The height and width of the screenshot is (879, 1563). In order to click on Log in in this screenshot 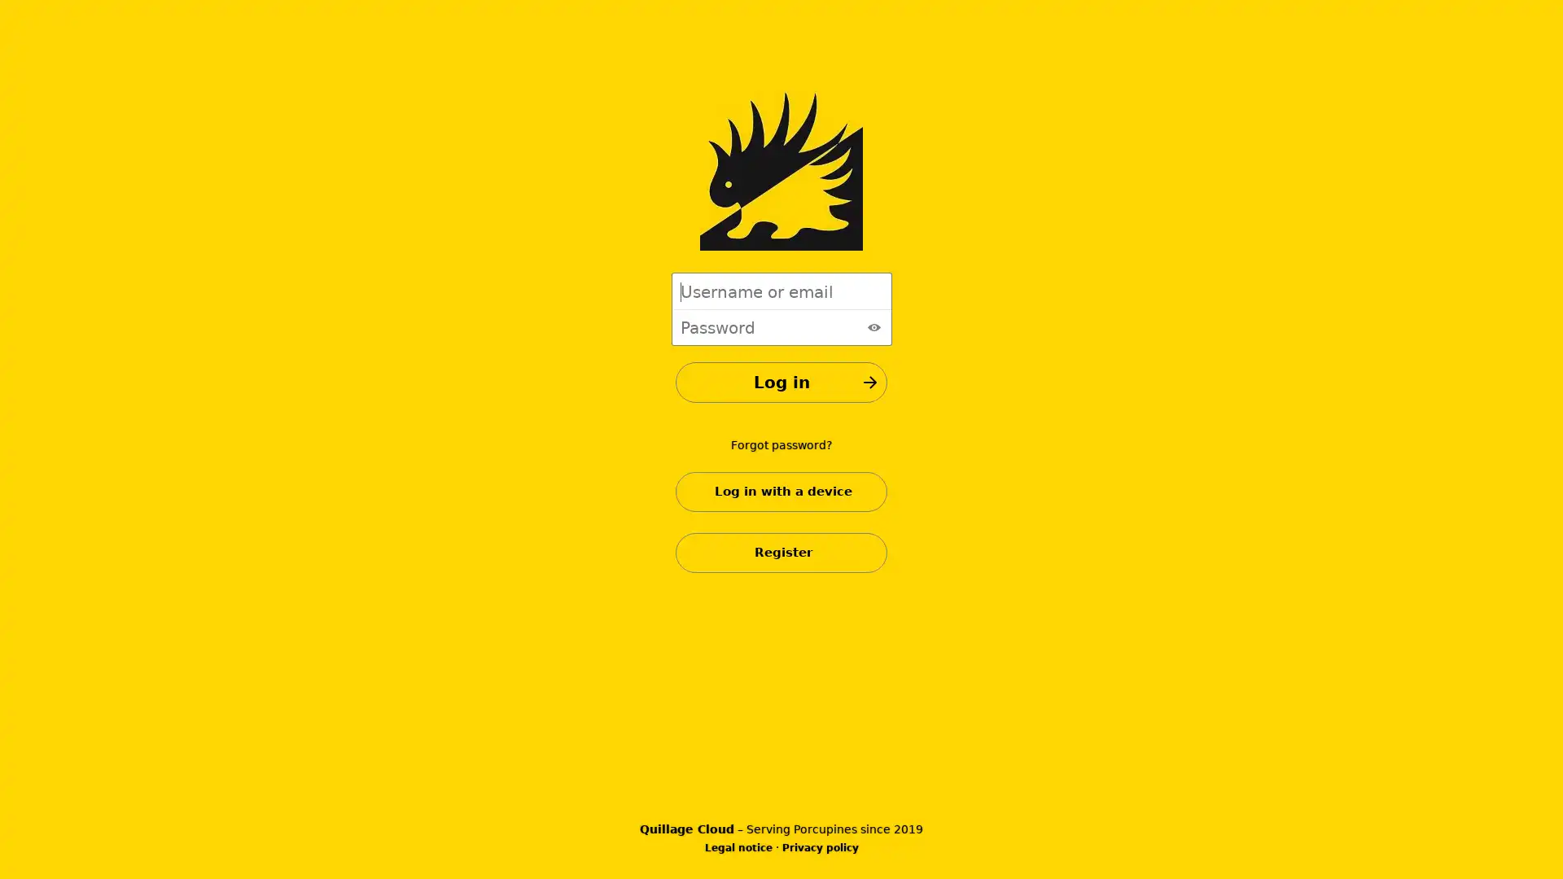, I will do `click(781, 383)`.